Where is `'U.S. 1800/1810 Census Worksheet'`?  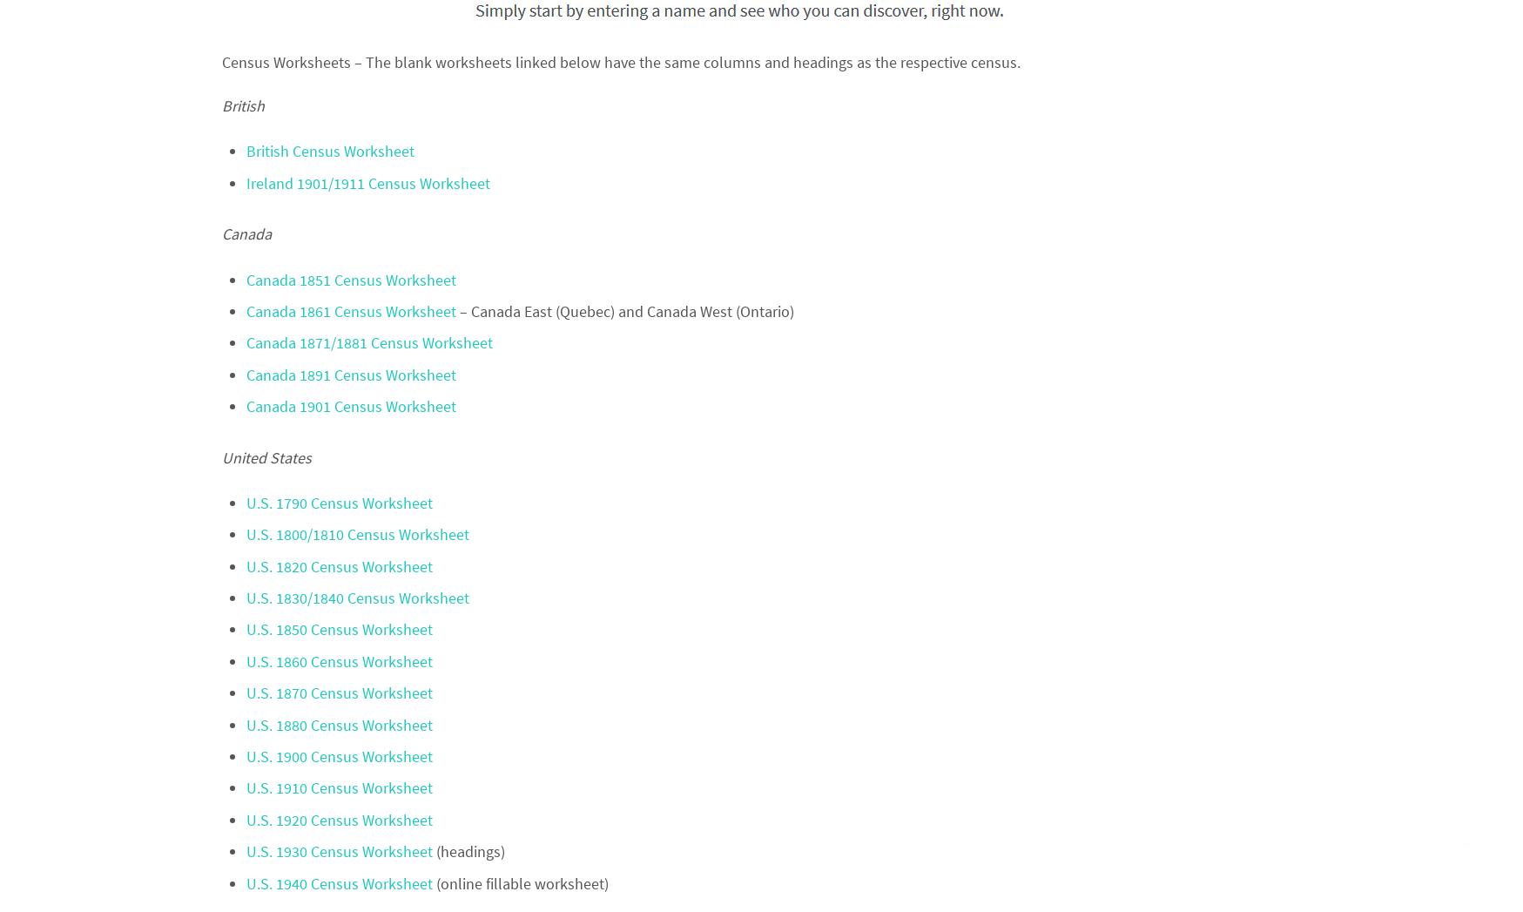
'U.S. 1800/1810 Census Worksheet' is located at coordinates (357, 533).